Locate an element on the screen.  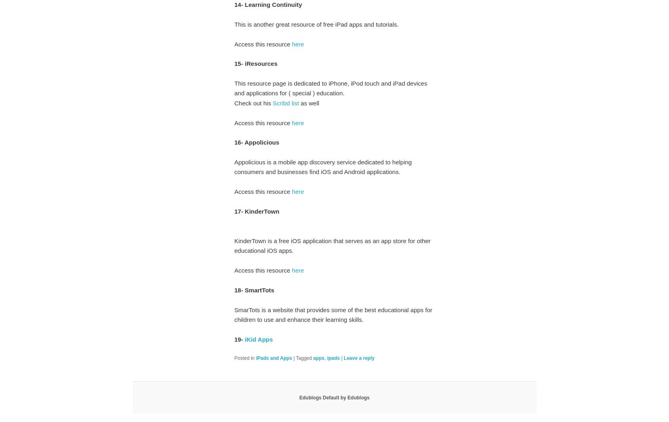
'Leave a reply' is located at coordinates (359, 357).